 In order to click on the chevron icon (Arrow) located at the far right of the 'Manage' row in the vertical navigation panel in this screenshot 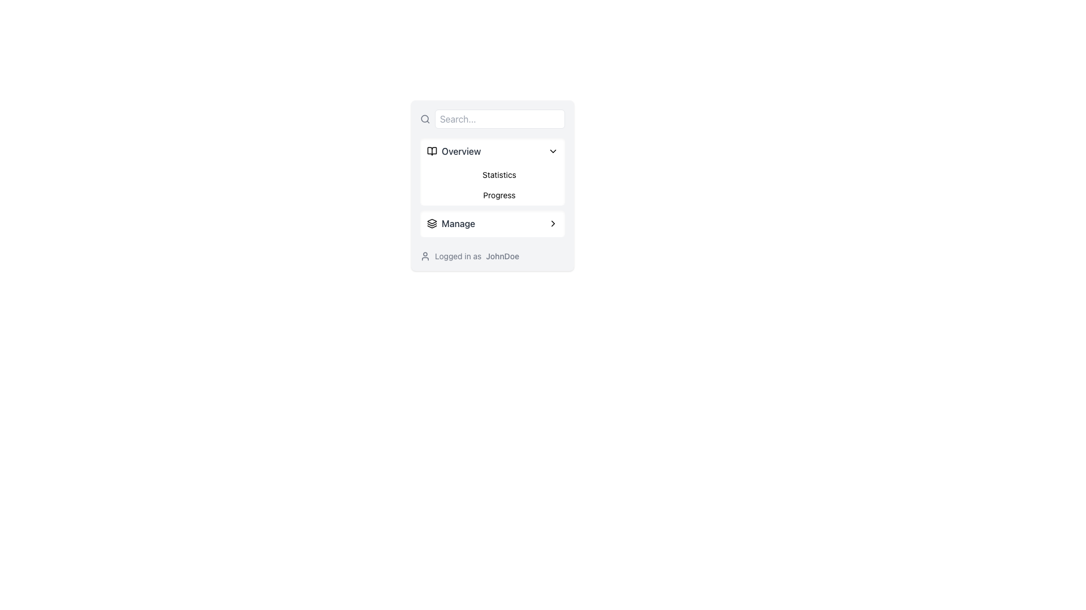, I will do `click(553, 224)`.